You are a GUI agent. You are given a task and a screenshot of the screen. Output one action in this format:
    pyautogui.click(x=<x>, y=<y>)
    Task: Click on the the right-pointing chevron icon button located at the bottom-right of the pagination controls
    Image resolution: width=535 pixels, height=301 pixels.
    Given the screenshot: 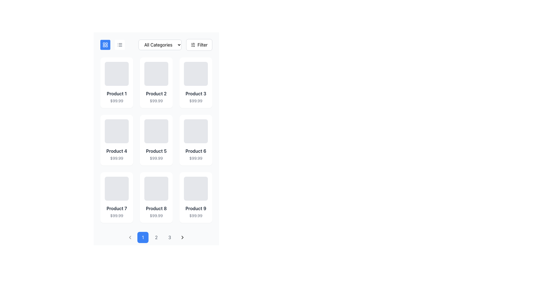 What is the action you would take?
    pyautogui.click(x=182, y=237)
    